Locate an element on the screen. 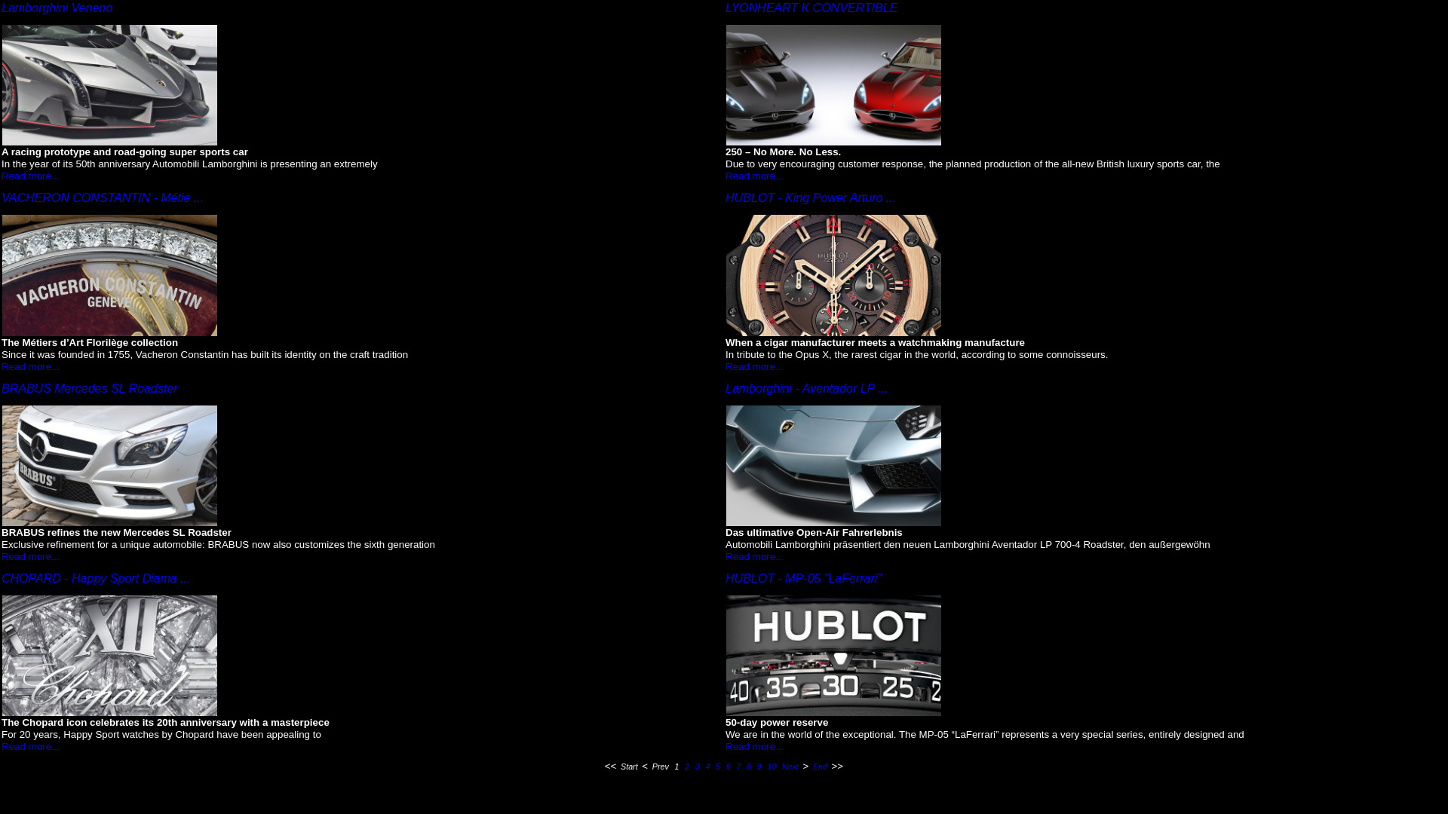 This screenshot has height=814, width=1448. 'HUBLOT - King Power Arturo ...' is located at coordinates (810, 197).